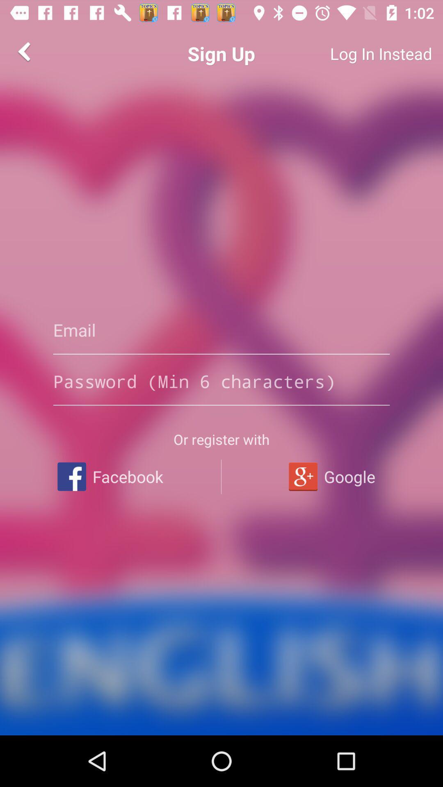  Describe the element at coordinates (25, 51) in the screenshot. I see `the arrow_backward icon` at that location.